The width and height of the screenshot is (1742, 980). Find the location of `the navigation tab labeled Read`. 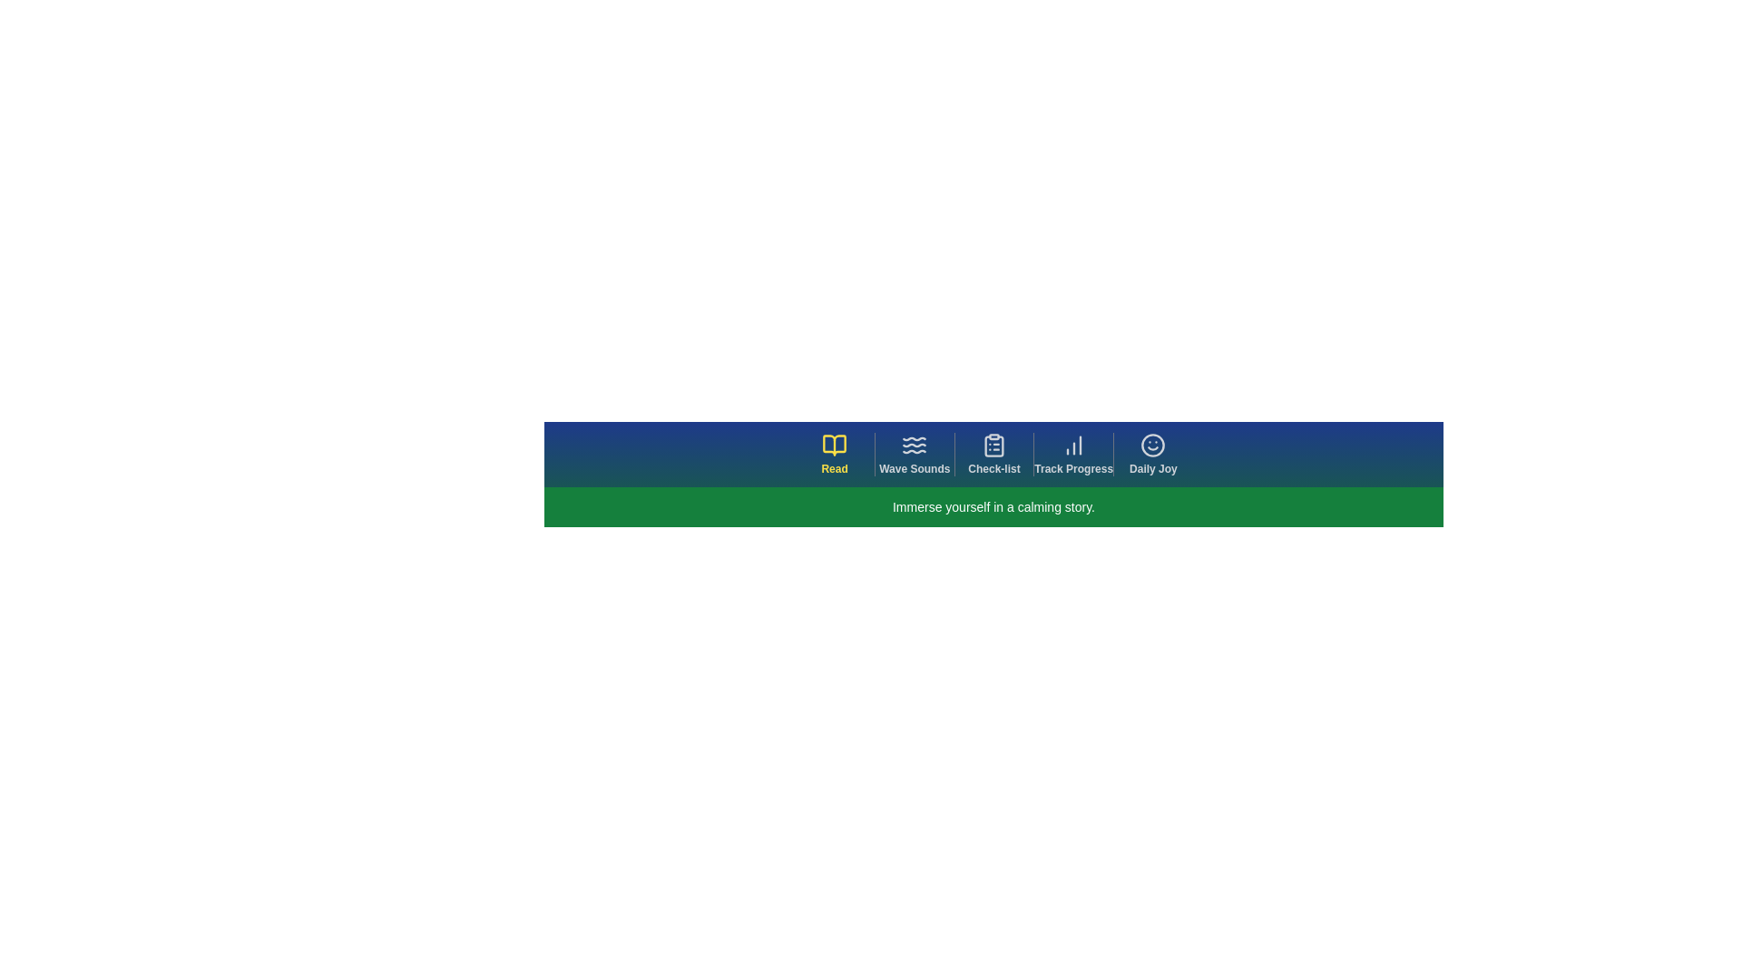

the navigation tab labeled Read is located at coordinates (834, 454).